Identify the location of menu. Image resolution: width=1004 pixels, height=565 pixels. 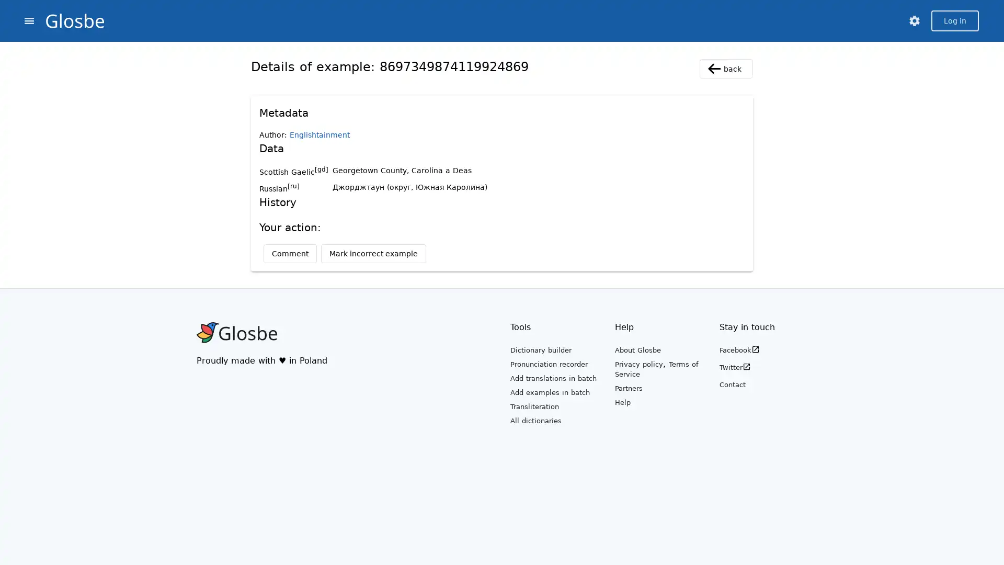
(29, 20).